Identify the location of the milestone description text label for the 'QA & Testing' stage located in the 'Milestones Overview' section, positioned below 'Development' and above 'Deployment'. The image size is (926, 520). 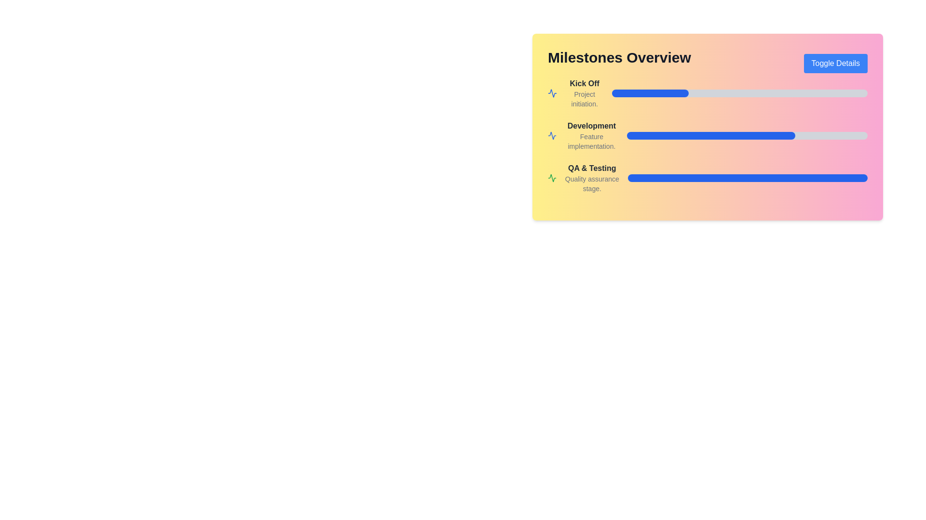
(591, 178).